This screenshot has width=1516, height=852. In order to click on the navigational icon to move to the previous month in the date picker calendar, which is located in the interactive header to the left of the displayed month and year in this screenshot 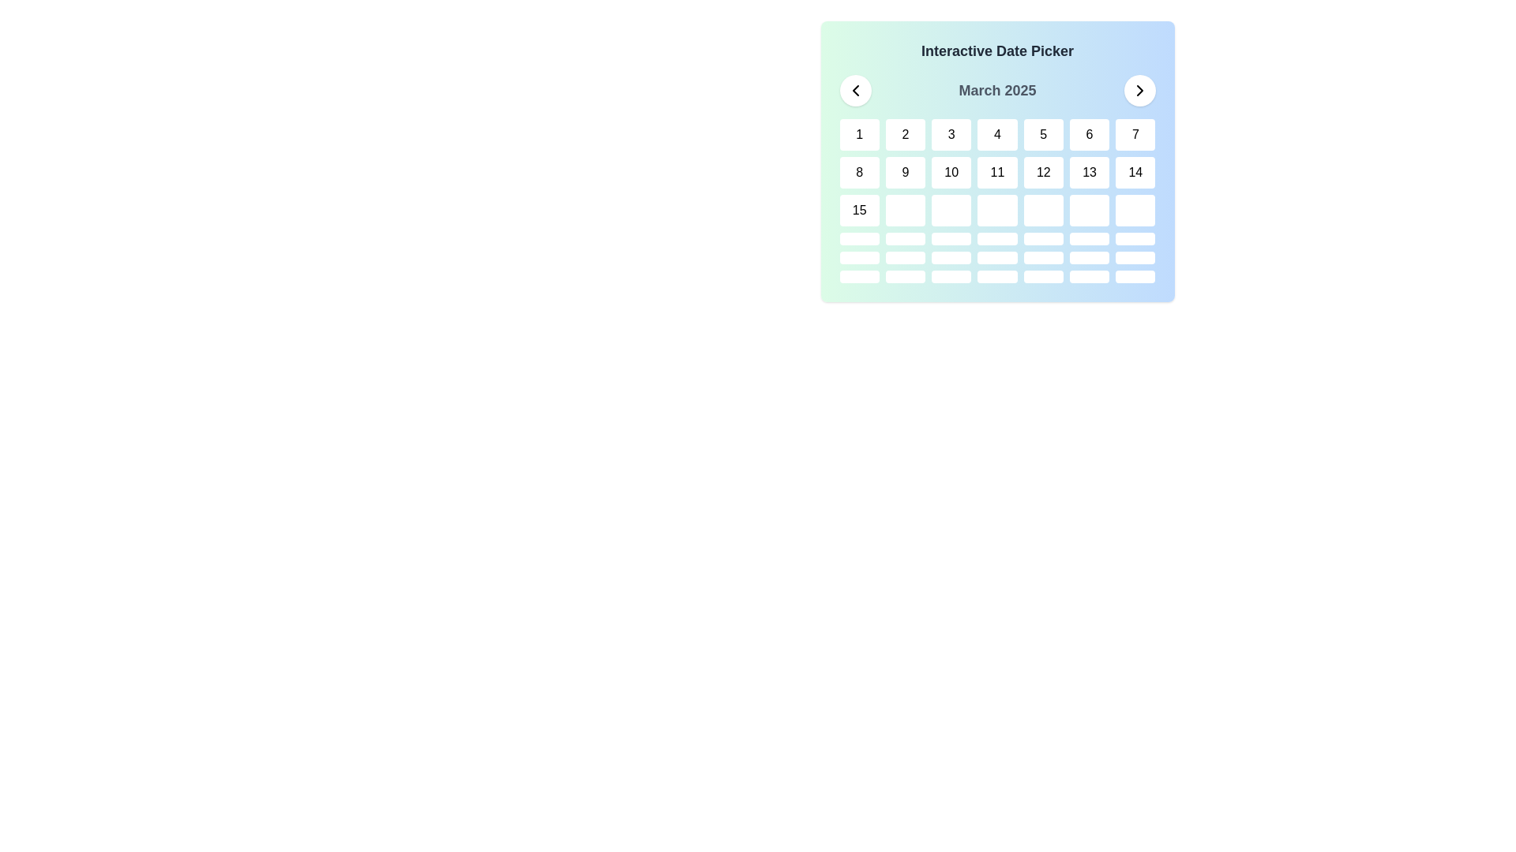, I will do `click(854, 91)`.